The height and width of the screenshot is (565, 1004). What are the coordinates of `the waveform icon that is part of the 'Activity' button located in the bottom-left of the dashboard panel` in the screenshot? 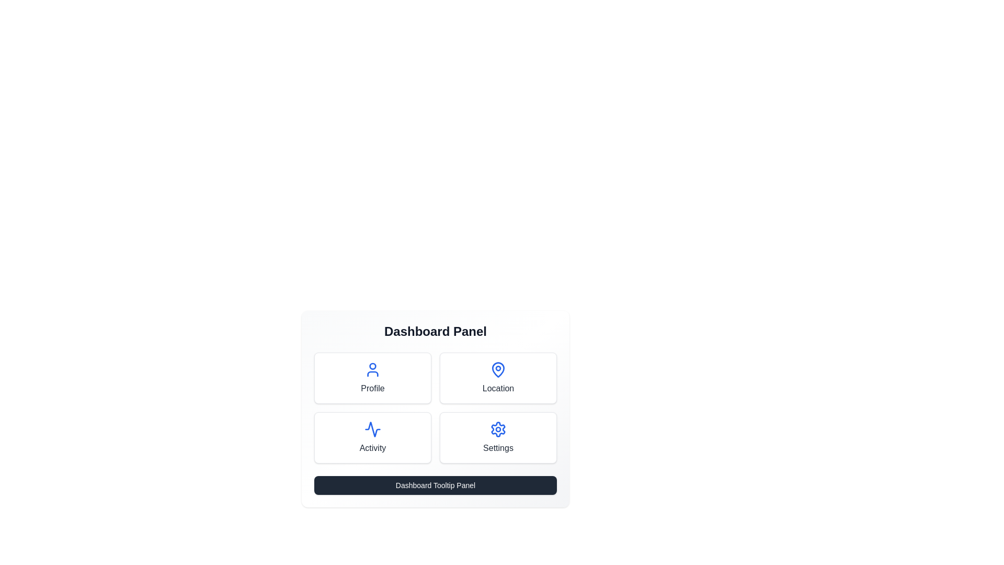 It's located at (373, 430).